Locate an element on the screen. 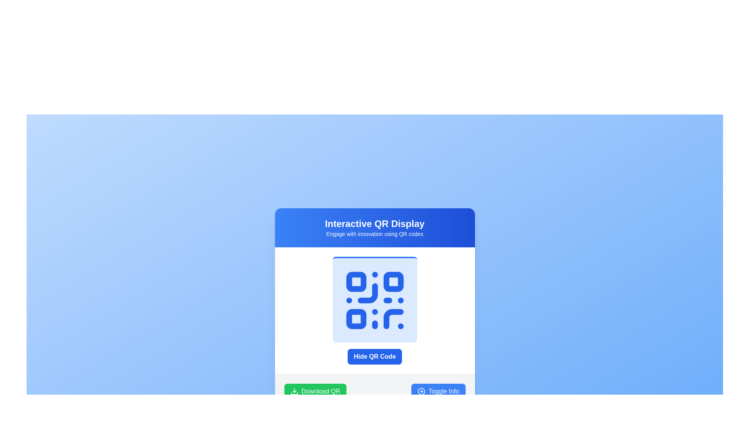 This screenshot has width=750, height=422. the Header section located at the top of the card-like structure, which provides context for the interactive QR code display is located at coordinates (374, 227).